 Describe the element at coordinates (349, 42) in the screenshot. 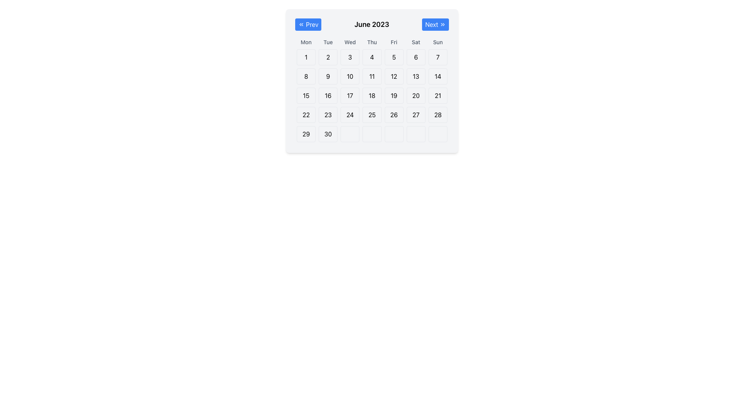

I see `the text label displaying 'Wed', which is the third element in a row of day abbreviations in the calendar header` at that location.